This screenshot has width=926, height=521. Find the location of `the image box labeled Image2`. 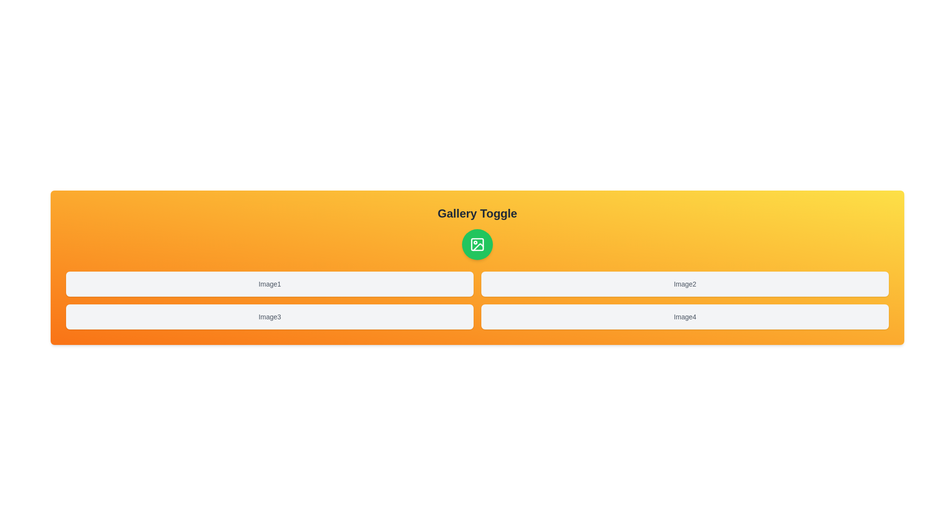

the image box labeled Image2 is located at coordinates (684, 284).